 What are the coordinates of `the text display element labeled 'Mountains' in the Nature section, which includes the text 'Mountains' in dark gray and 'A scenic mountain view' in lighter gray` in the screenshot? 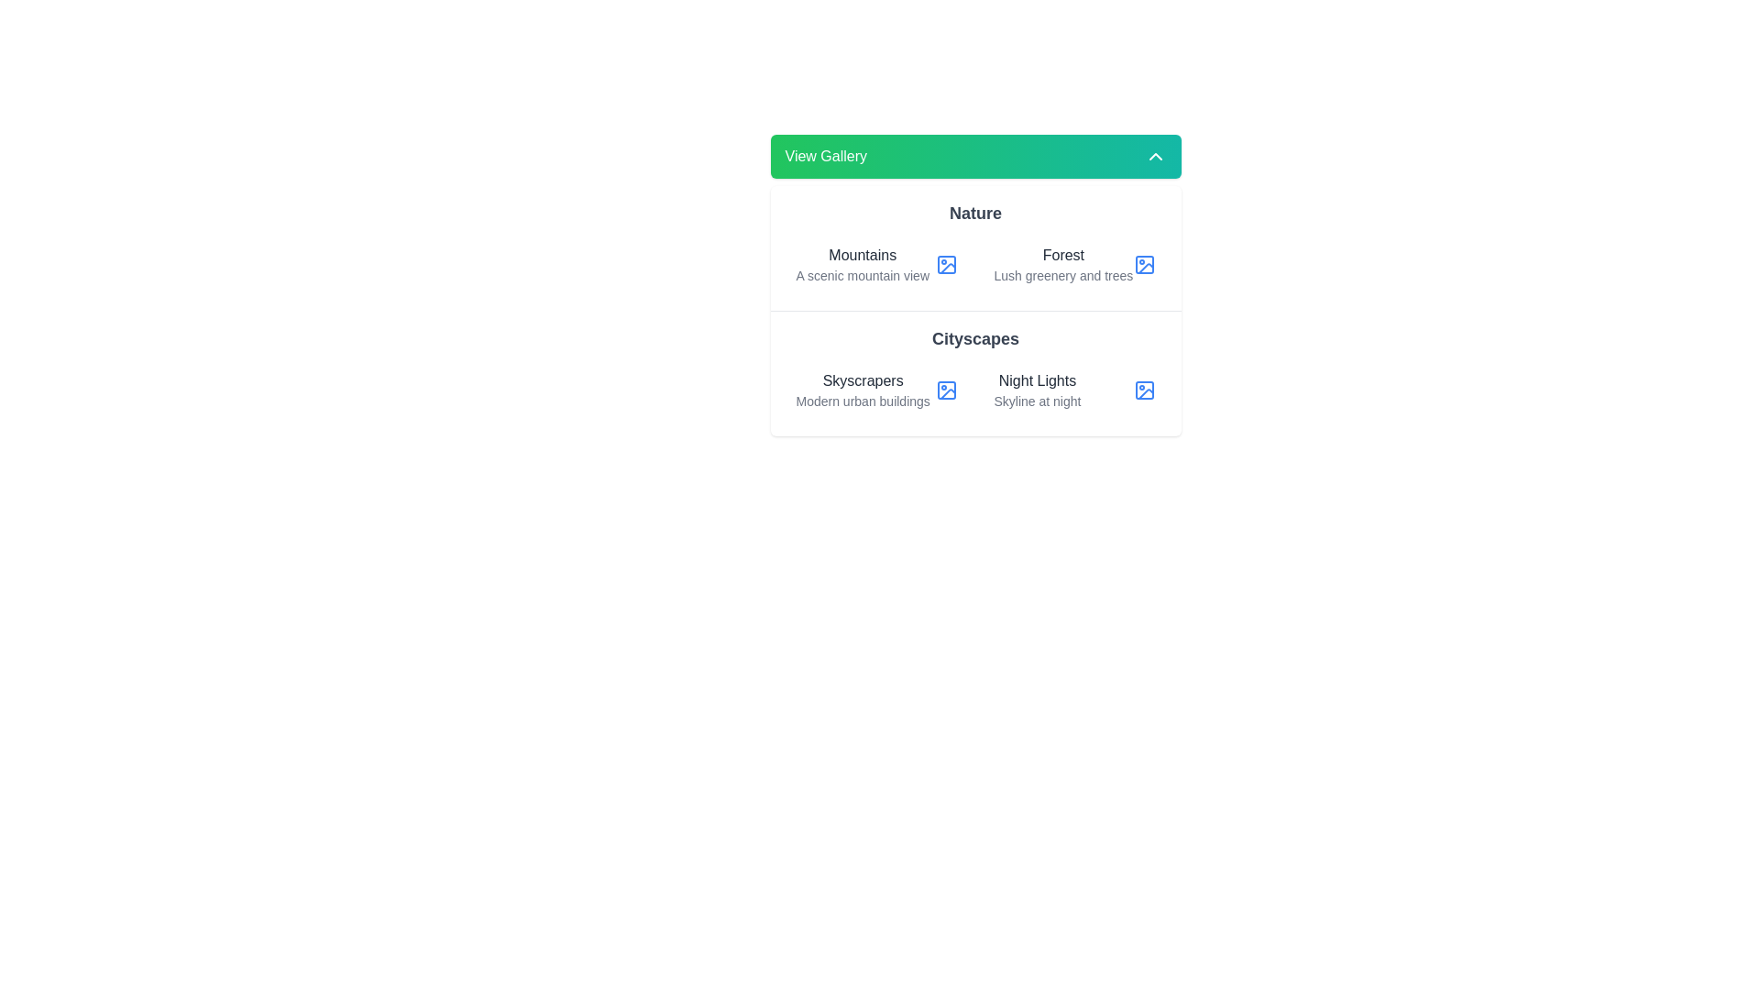 It's located at (862, 265).